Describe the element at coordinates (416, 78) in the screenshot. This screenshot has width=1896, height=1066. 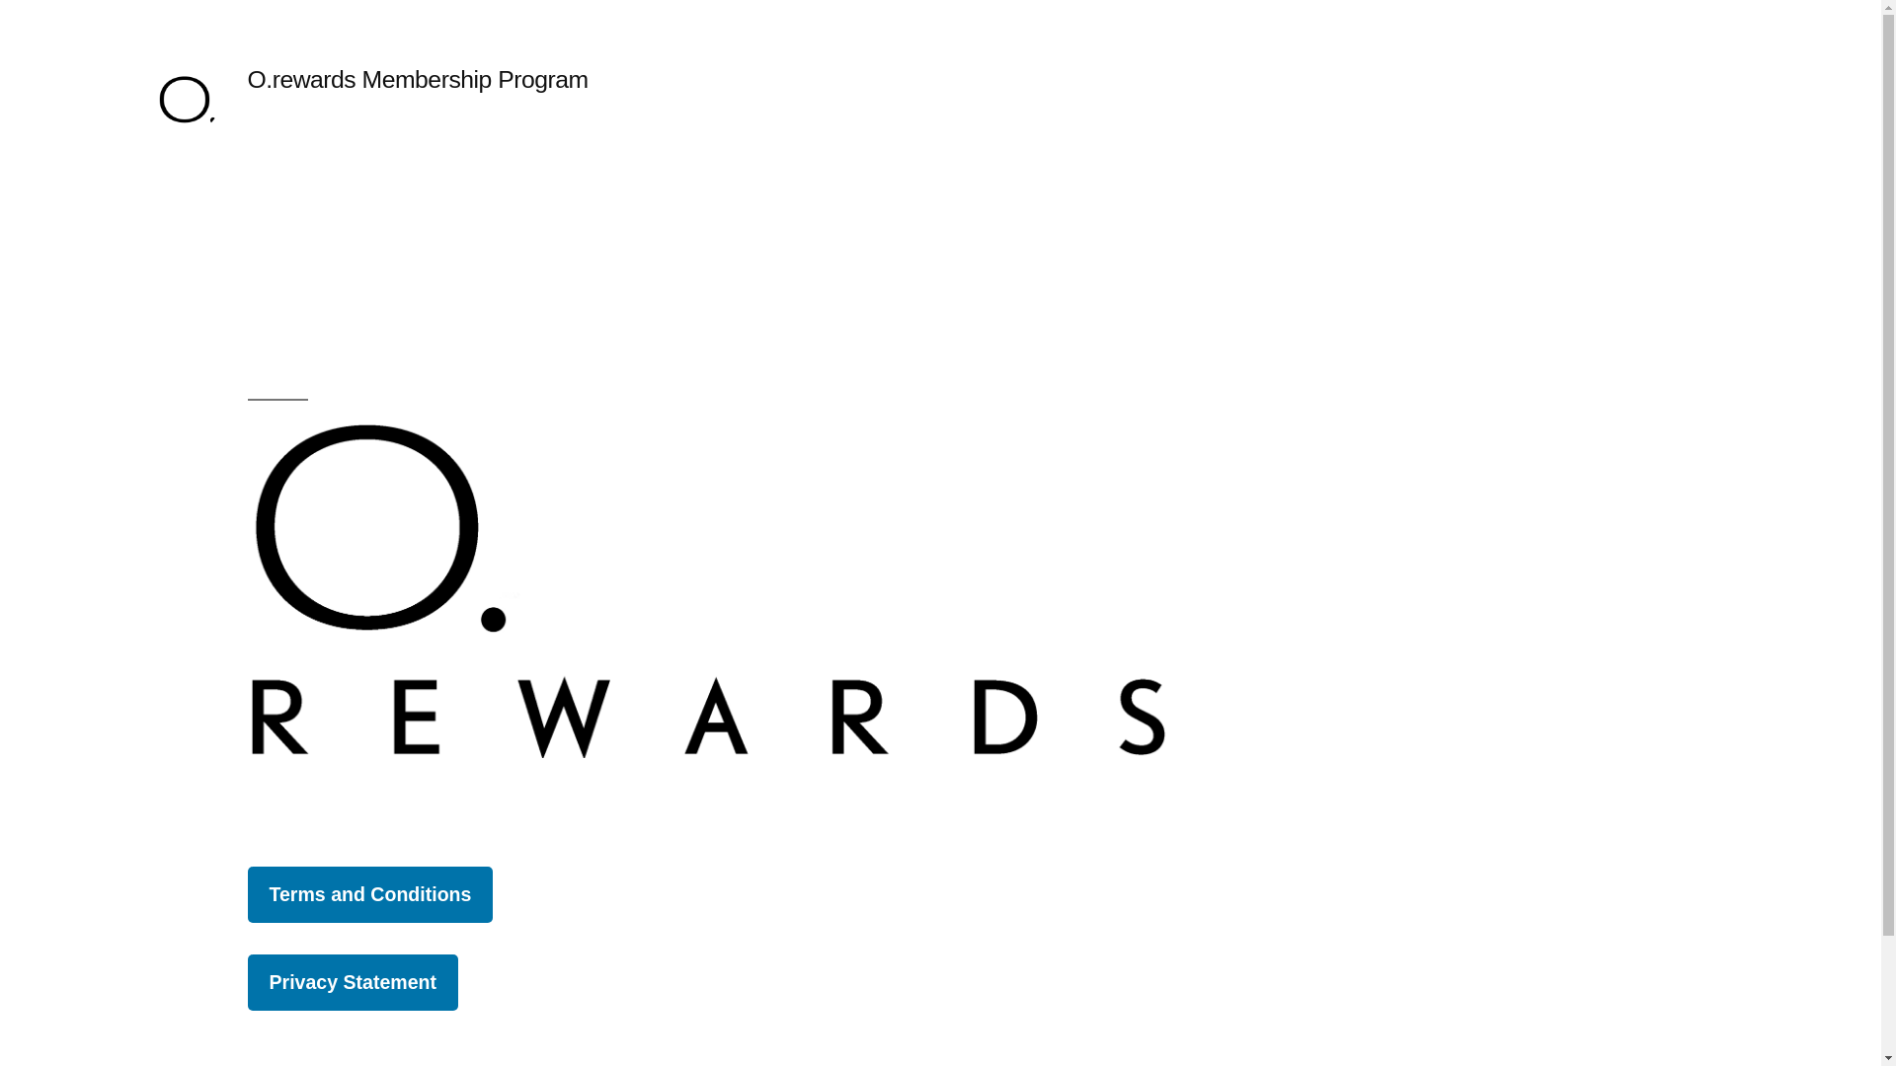
I see `'O.rewards Membership Program'` at that location.